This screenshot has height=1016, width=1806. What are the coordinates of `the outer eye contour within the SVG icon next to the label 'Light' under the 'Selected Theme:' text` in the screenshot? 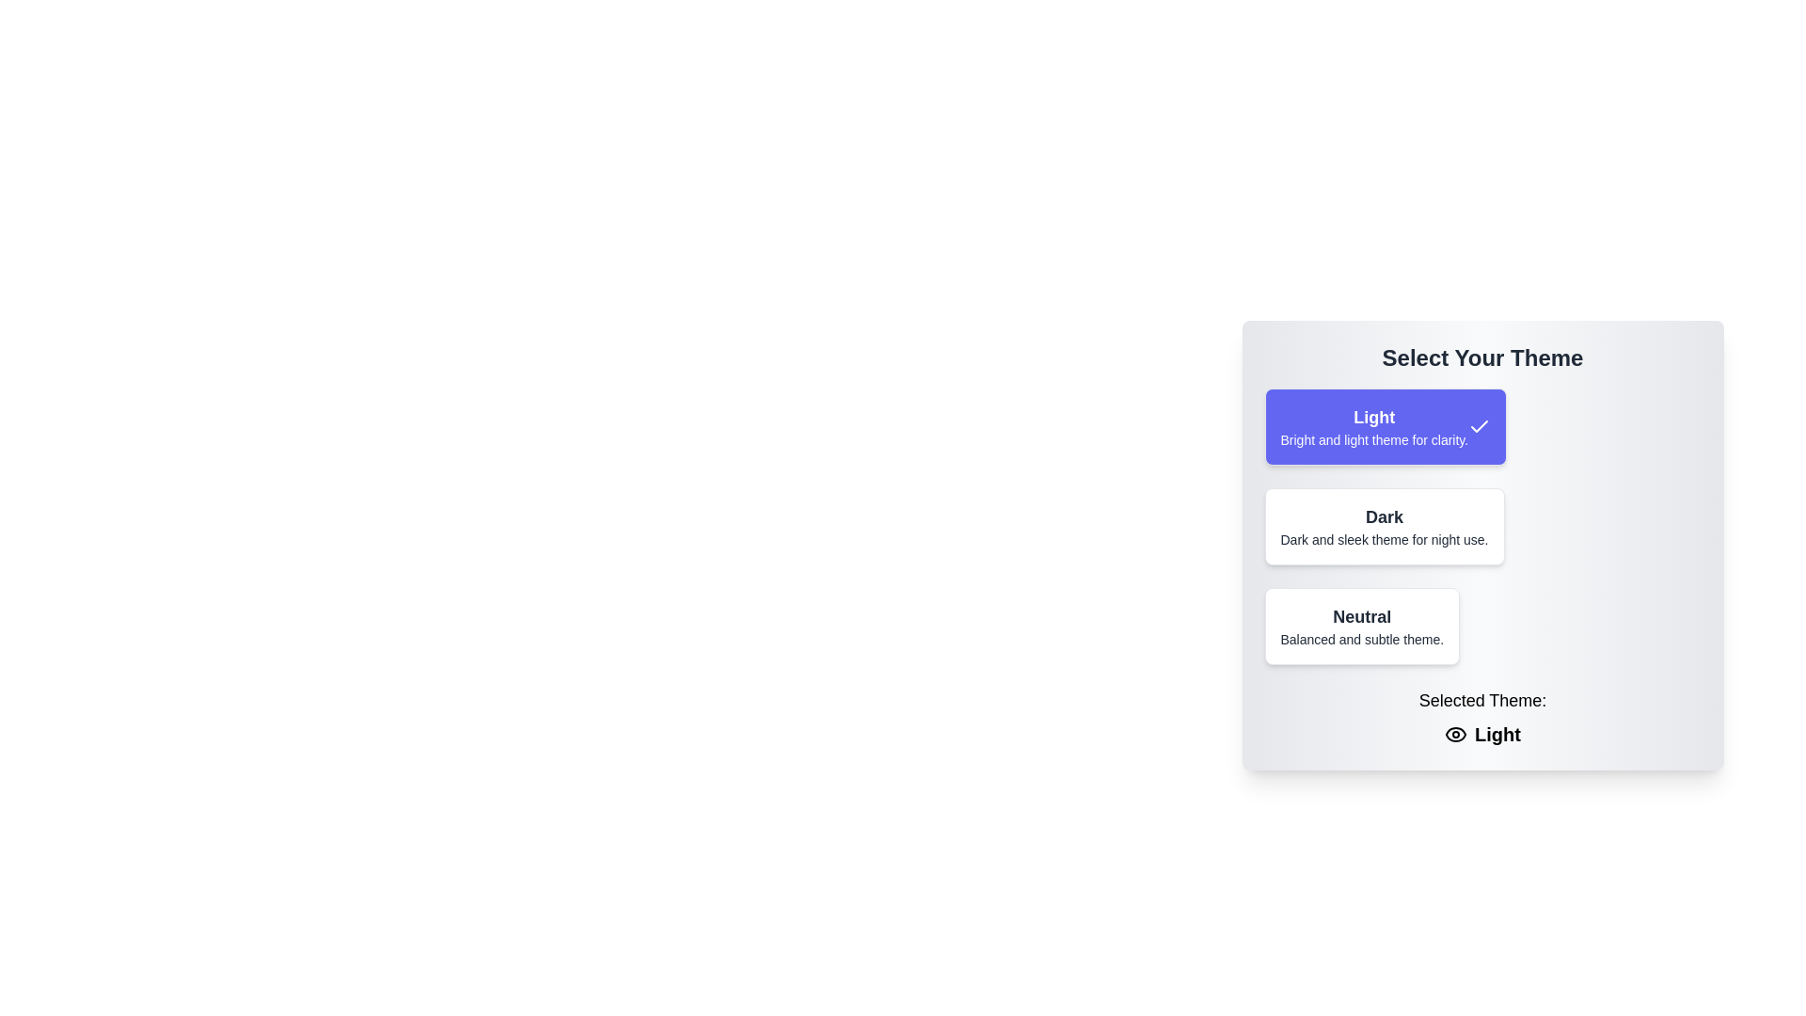 It's located at (1455, 733).